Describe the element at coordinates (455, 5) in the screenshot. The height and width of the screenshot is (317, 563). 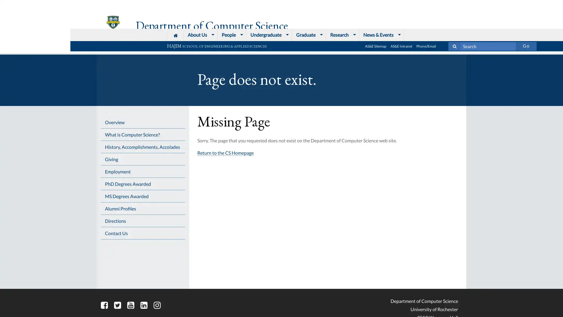
I see `Go` at that location.